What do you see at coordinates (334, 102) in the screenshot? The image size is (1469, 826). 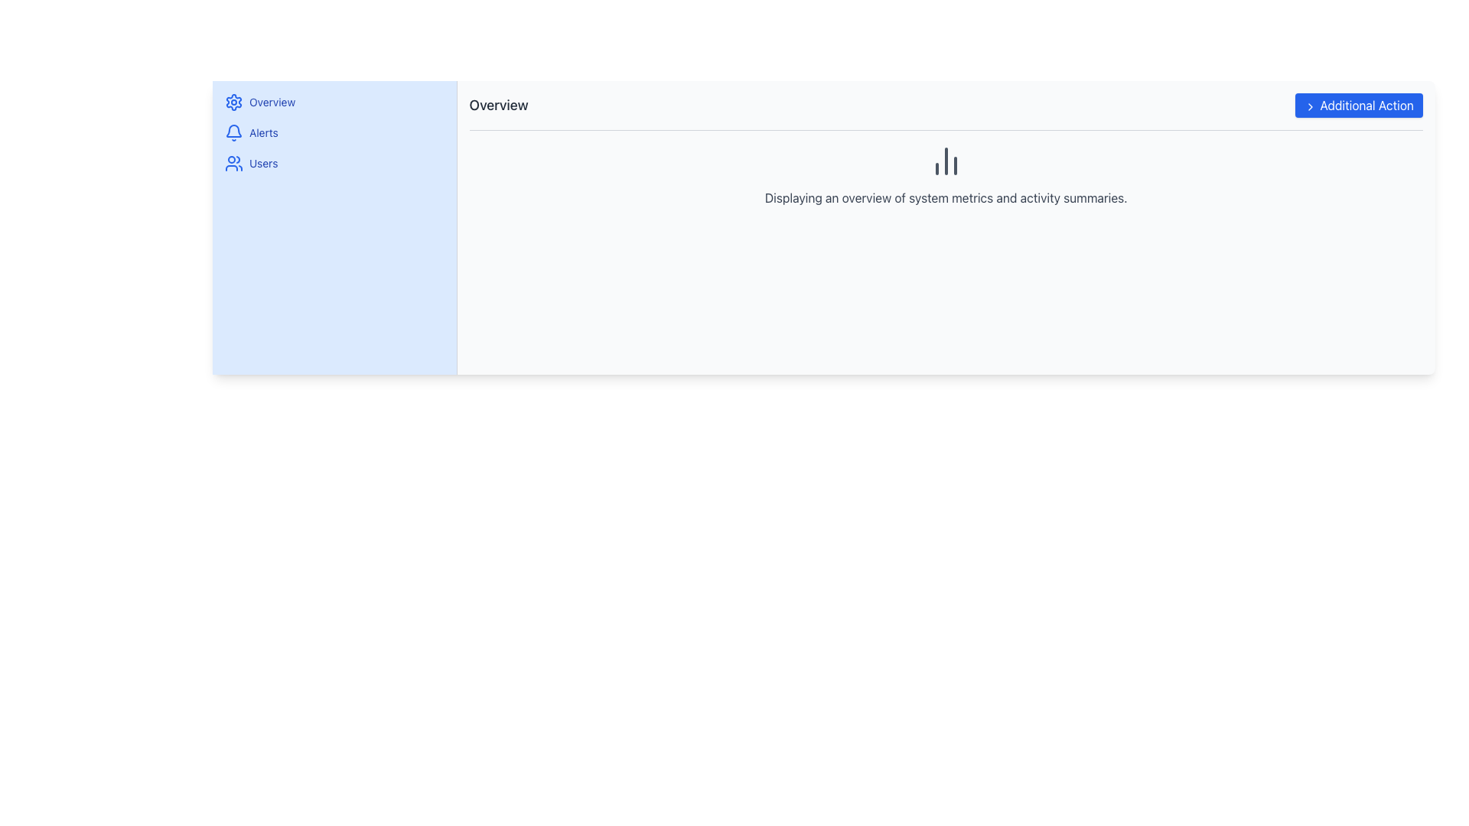 I see `the topmost item` at bounding box center [334, 102].